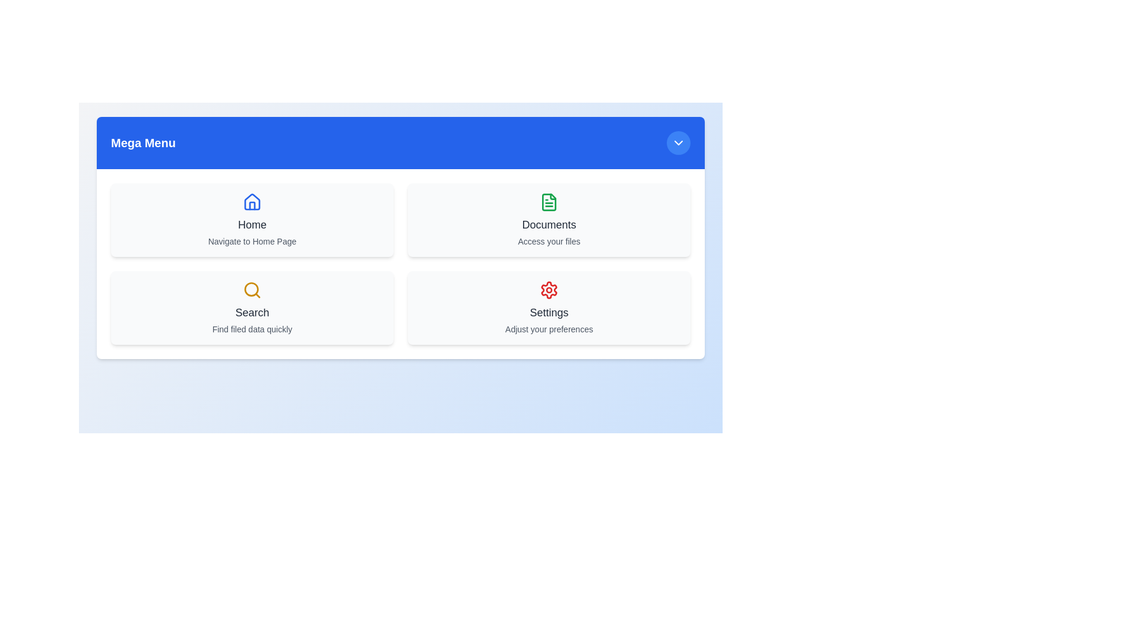  What do you see at coordinates (252, 307) in the screenshot?
I see `the center of the 'Search' card to initiate the search functionality` at bounding box center [252, 307].